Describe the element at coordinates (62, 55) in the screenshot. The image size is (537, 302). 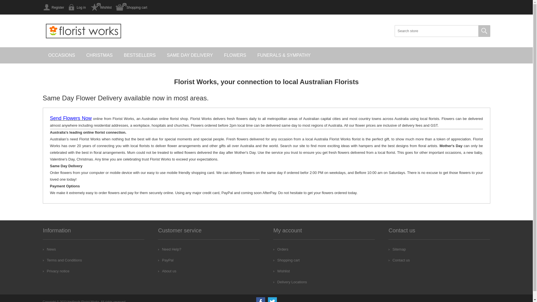
I see `'OCCASIONS'` at that location.